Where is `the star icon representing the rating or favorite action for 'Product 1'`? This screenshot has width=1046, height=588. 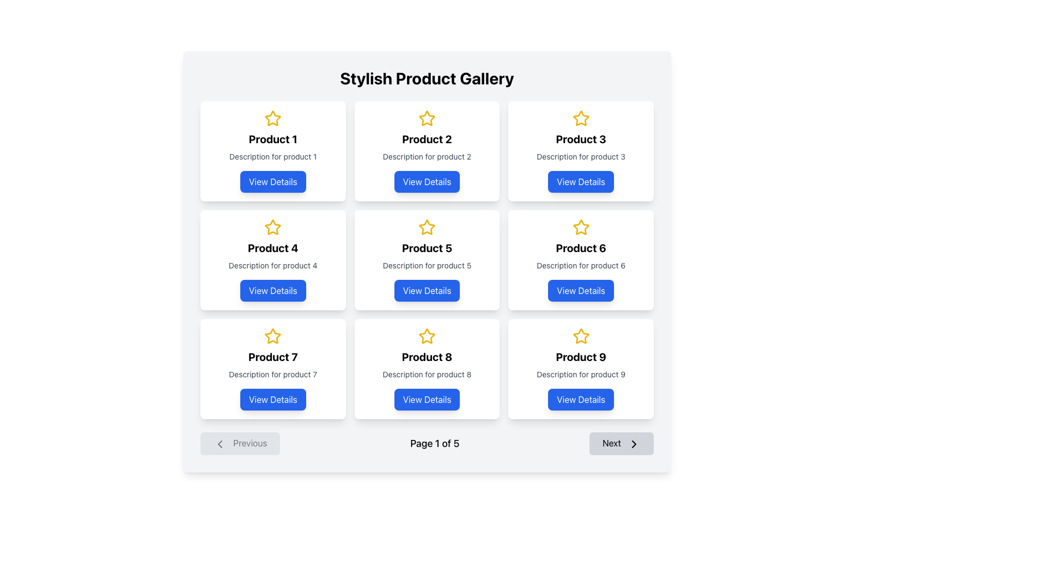
the star icon representing the rating or favorite action for 'Product 1' is located at coordinates (273, 119).